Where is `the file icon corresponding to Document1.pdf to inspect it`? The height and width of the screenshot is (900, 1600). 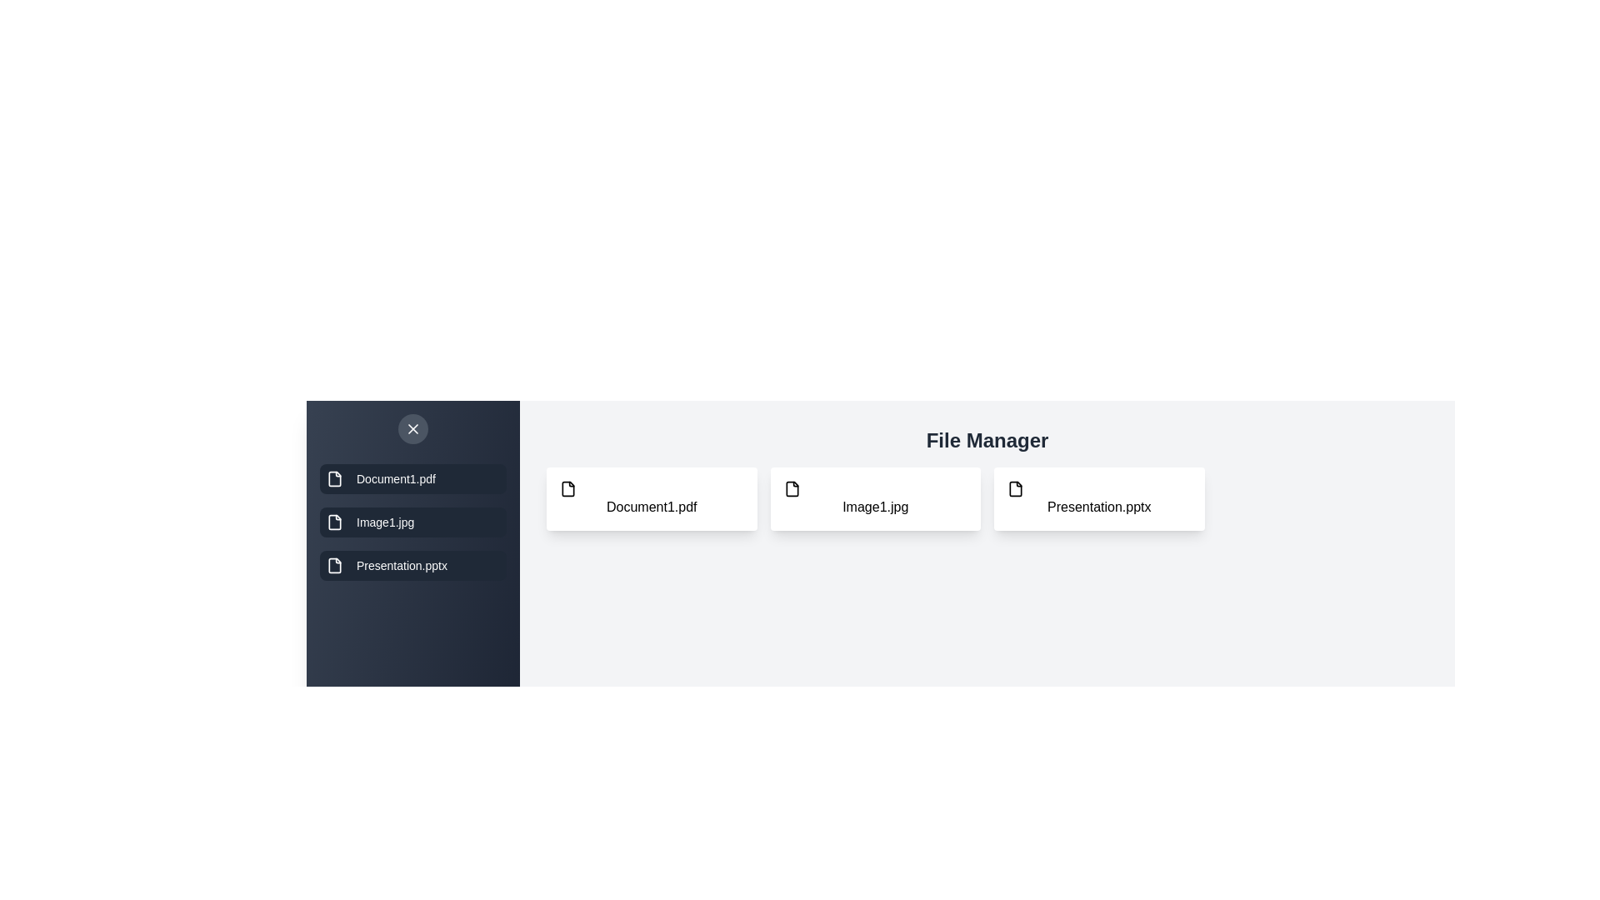
the file icon corresponding to Document1.pdf to inspect it is located at coordinates (651, 497).